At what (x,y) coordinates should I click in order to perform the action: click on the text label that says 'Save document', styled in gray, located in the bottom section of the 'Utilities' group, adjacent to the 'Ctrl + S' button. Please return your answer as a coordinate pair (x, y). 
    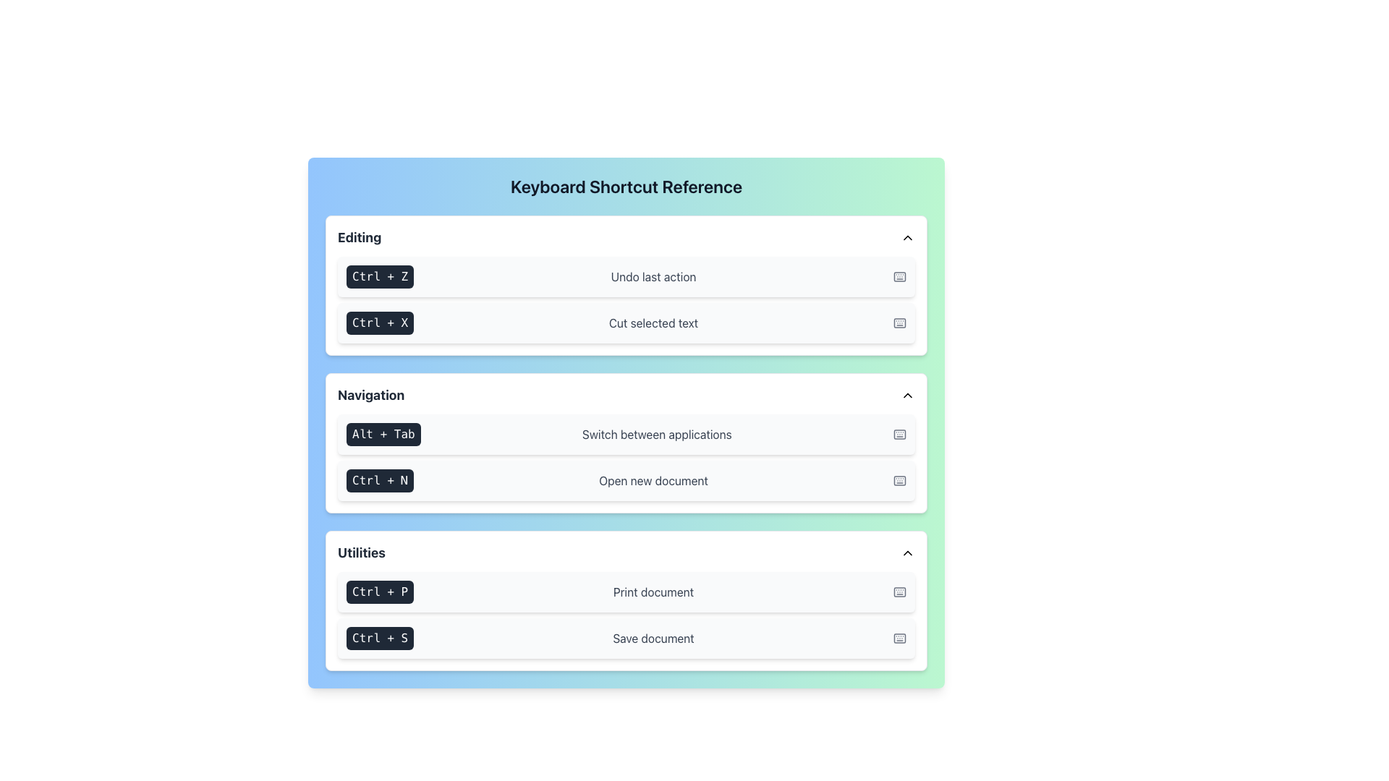
    Looking at the image, I should click on (653, 638).